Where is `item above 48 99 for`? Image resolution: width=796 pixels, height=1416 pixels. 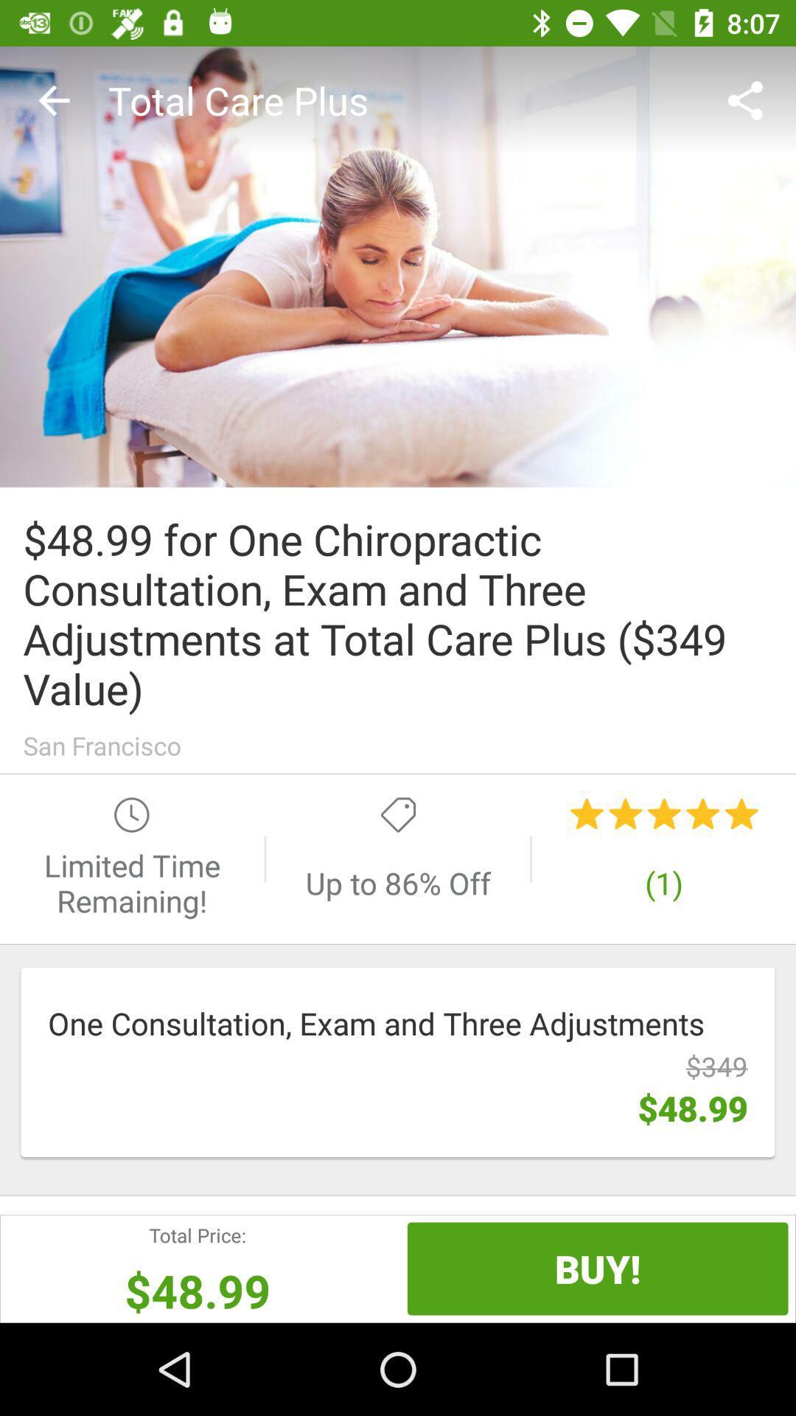 item above 48 99 for is located at coordinates (53, 100).